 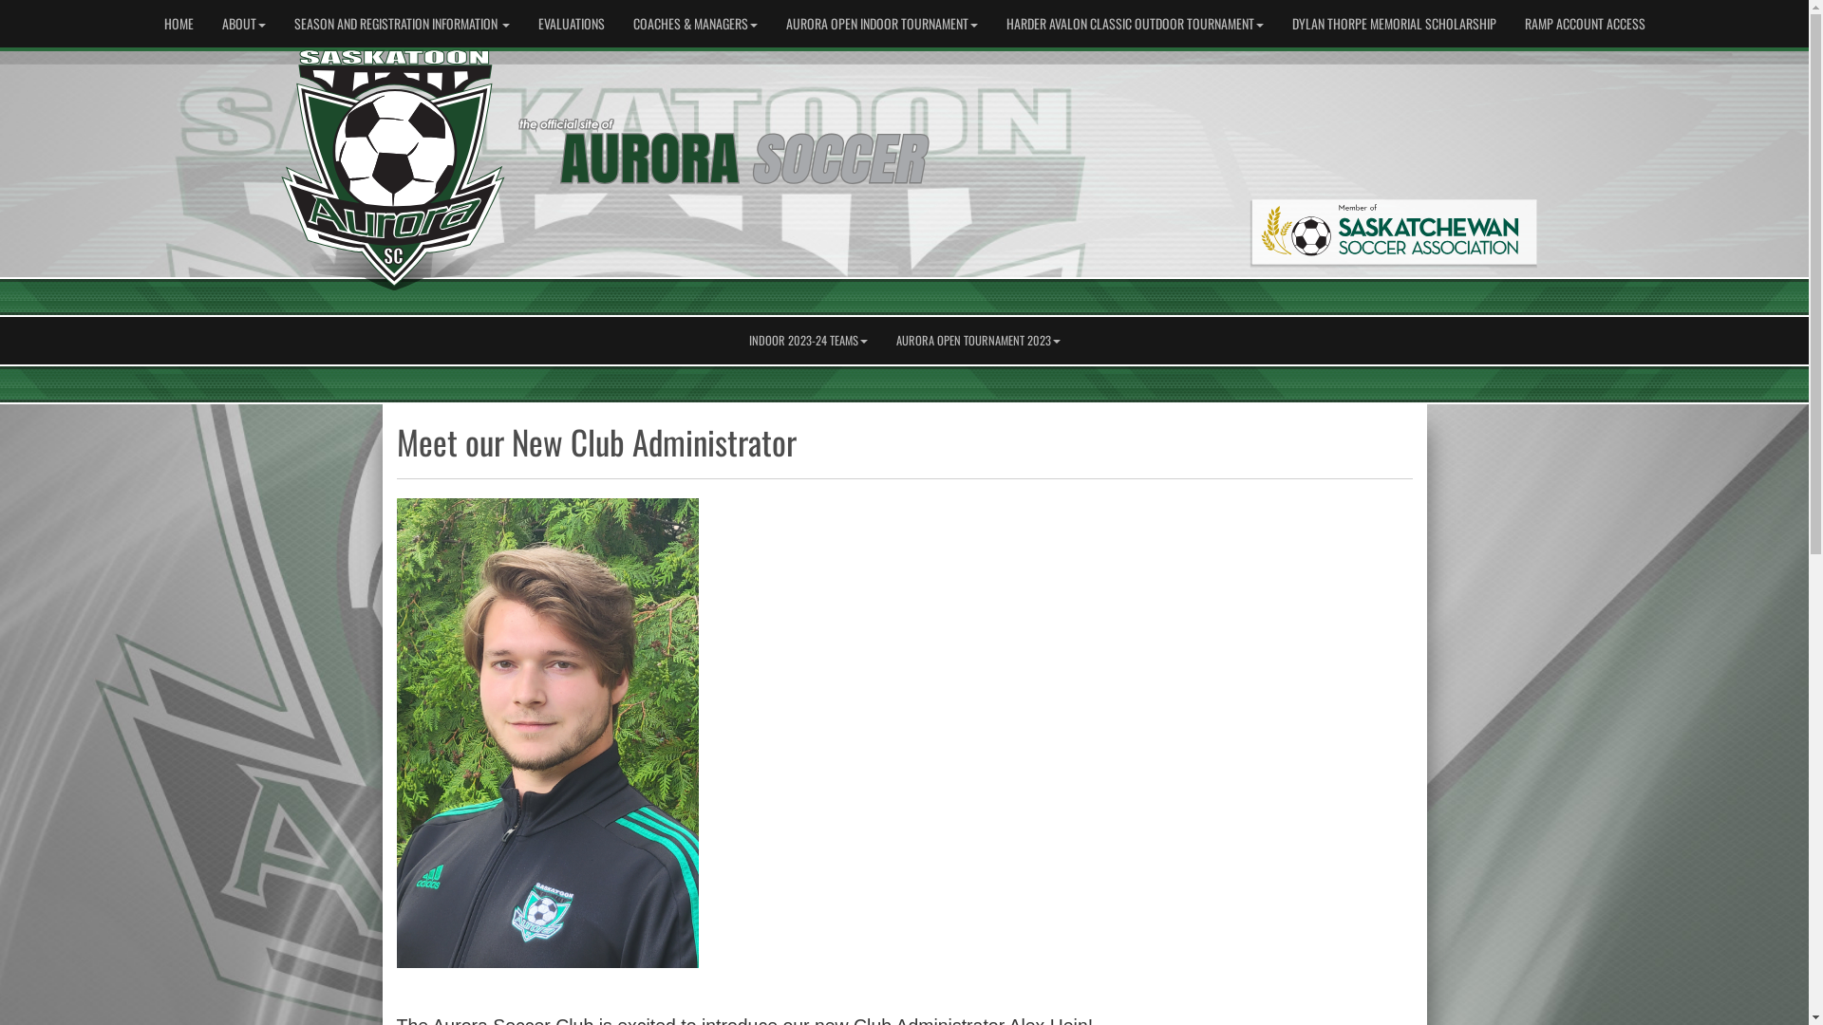 I want to click on 'HOME', so click(x=179, y=23).